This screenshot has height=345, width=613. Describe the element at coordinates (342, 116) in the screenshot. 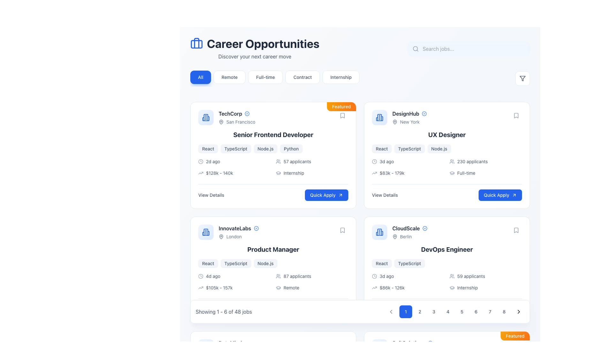

I see `the bookmark icon located in the top-right corner of the first job card, above the 'Featured' label, to interact with it` at that location.